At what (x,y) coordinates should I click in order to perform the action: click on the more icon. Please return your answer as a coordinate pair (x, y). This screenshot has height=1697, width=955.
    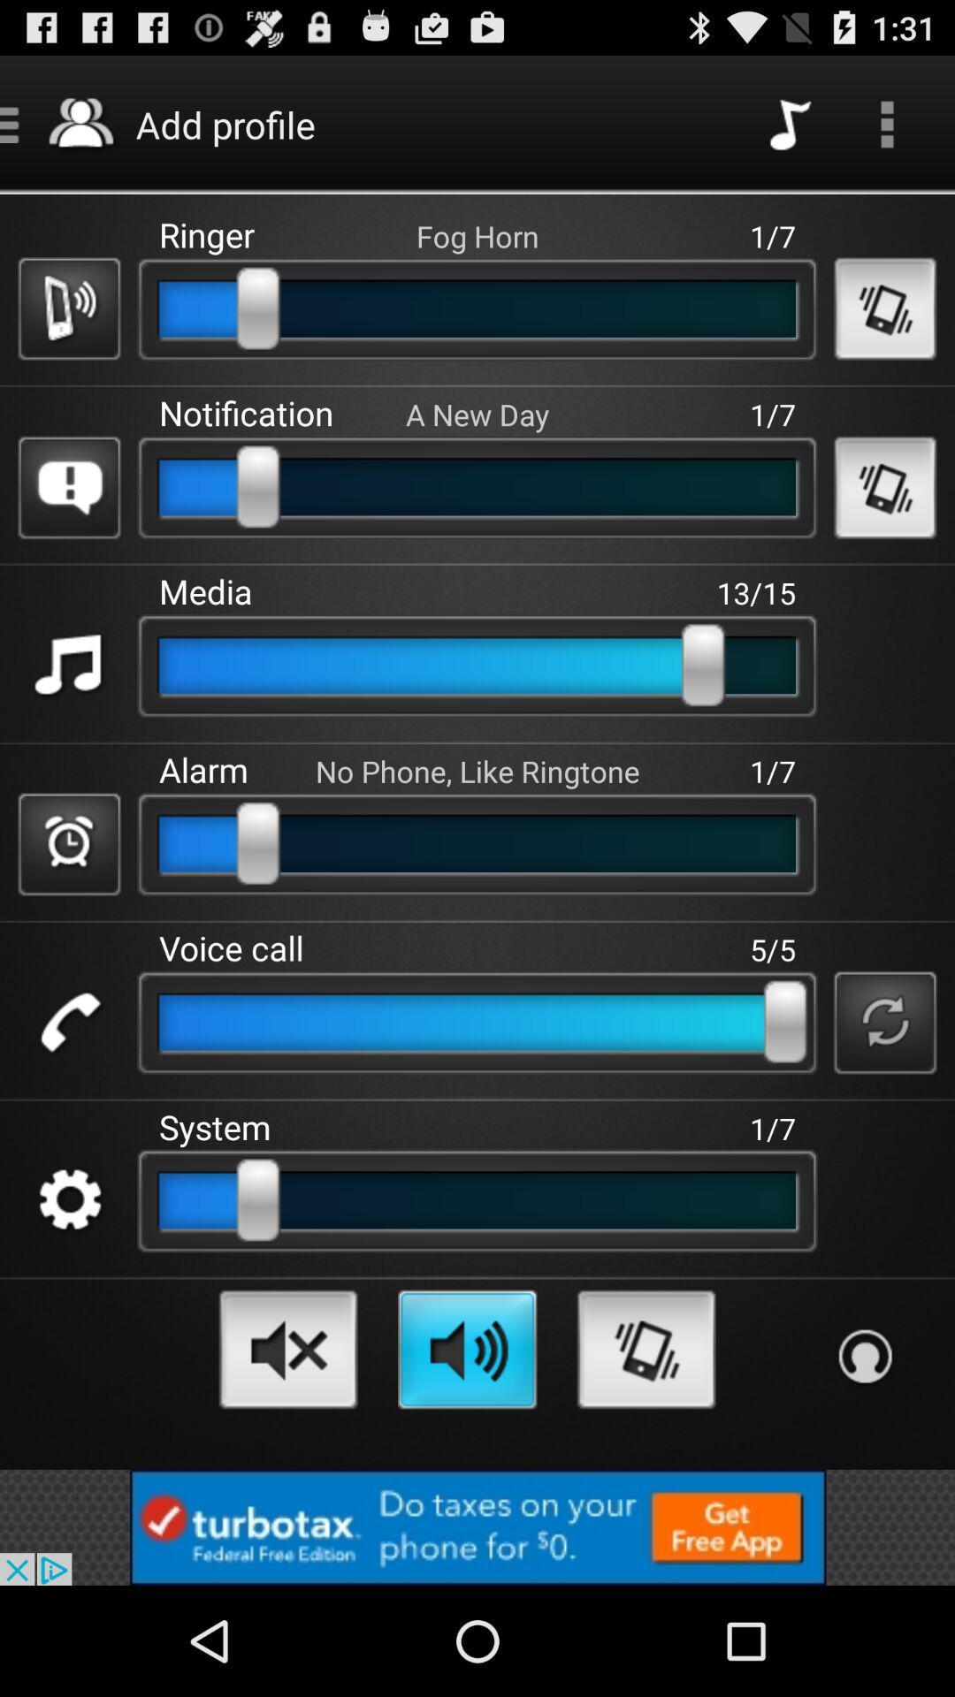
    Looking at the image, I should click on (887, 132).